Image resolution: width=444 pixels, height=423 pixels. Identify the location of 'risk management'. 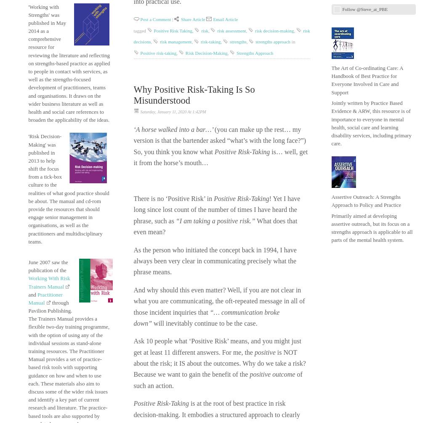
(175, 41).